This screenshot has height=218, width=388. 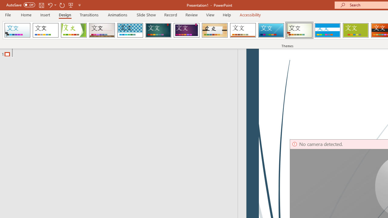 I want to click on 'Integral', so click(x=130, y=30).